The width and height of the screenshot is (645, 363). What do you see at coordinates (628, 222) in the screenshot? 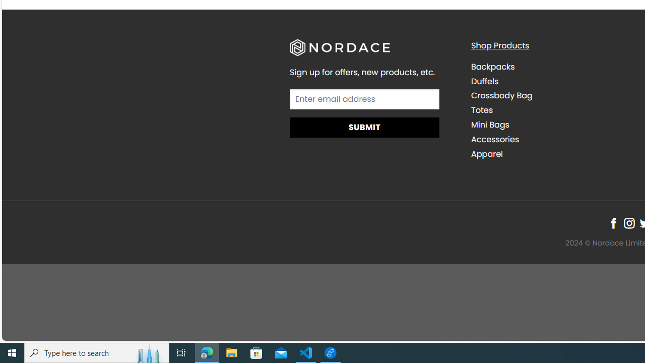
I see `'Follow on Instagram'` at bounding box center [628, 222].